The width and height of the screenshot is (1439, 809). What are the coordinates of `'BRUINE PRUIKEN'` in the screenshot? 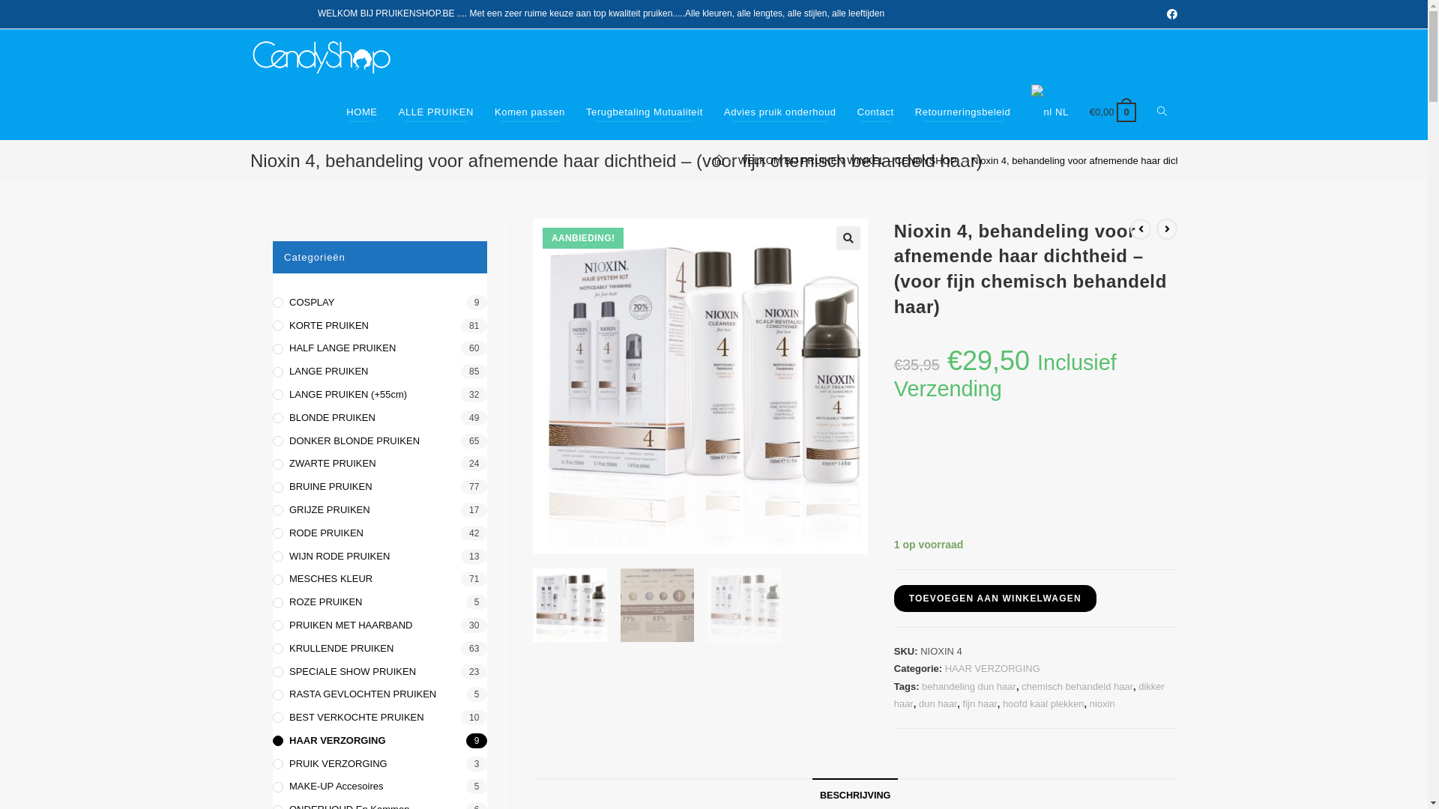 It's located at (380, 487).